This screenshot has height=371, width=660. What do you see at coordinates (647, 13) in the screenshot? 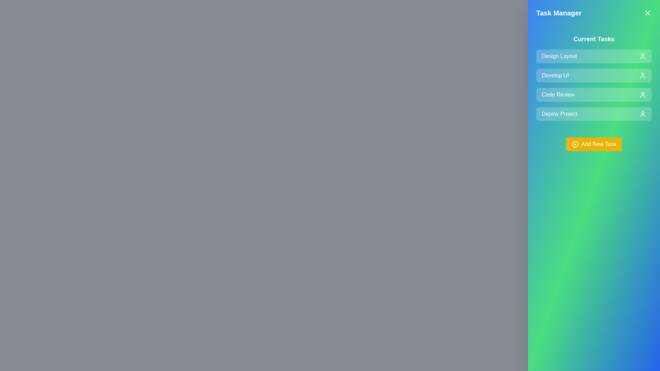
I see `the 'X' button in the top-right corner of the 'Task Manager' panel to observe its hover style` at bounding box center [647, 13].